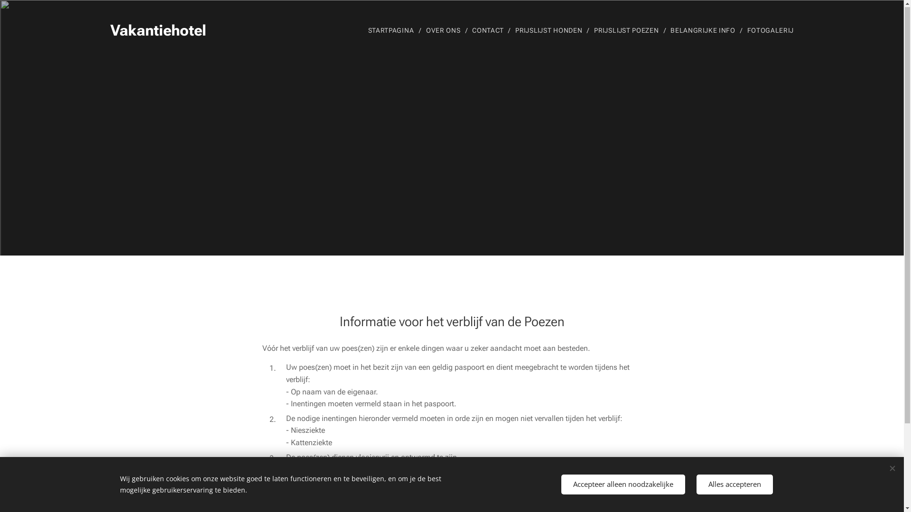  I want to click on 'Accepteer alleen noodzakelijke', so click(623, 485).